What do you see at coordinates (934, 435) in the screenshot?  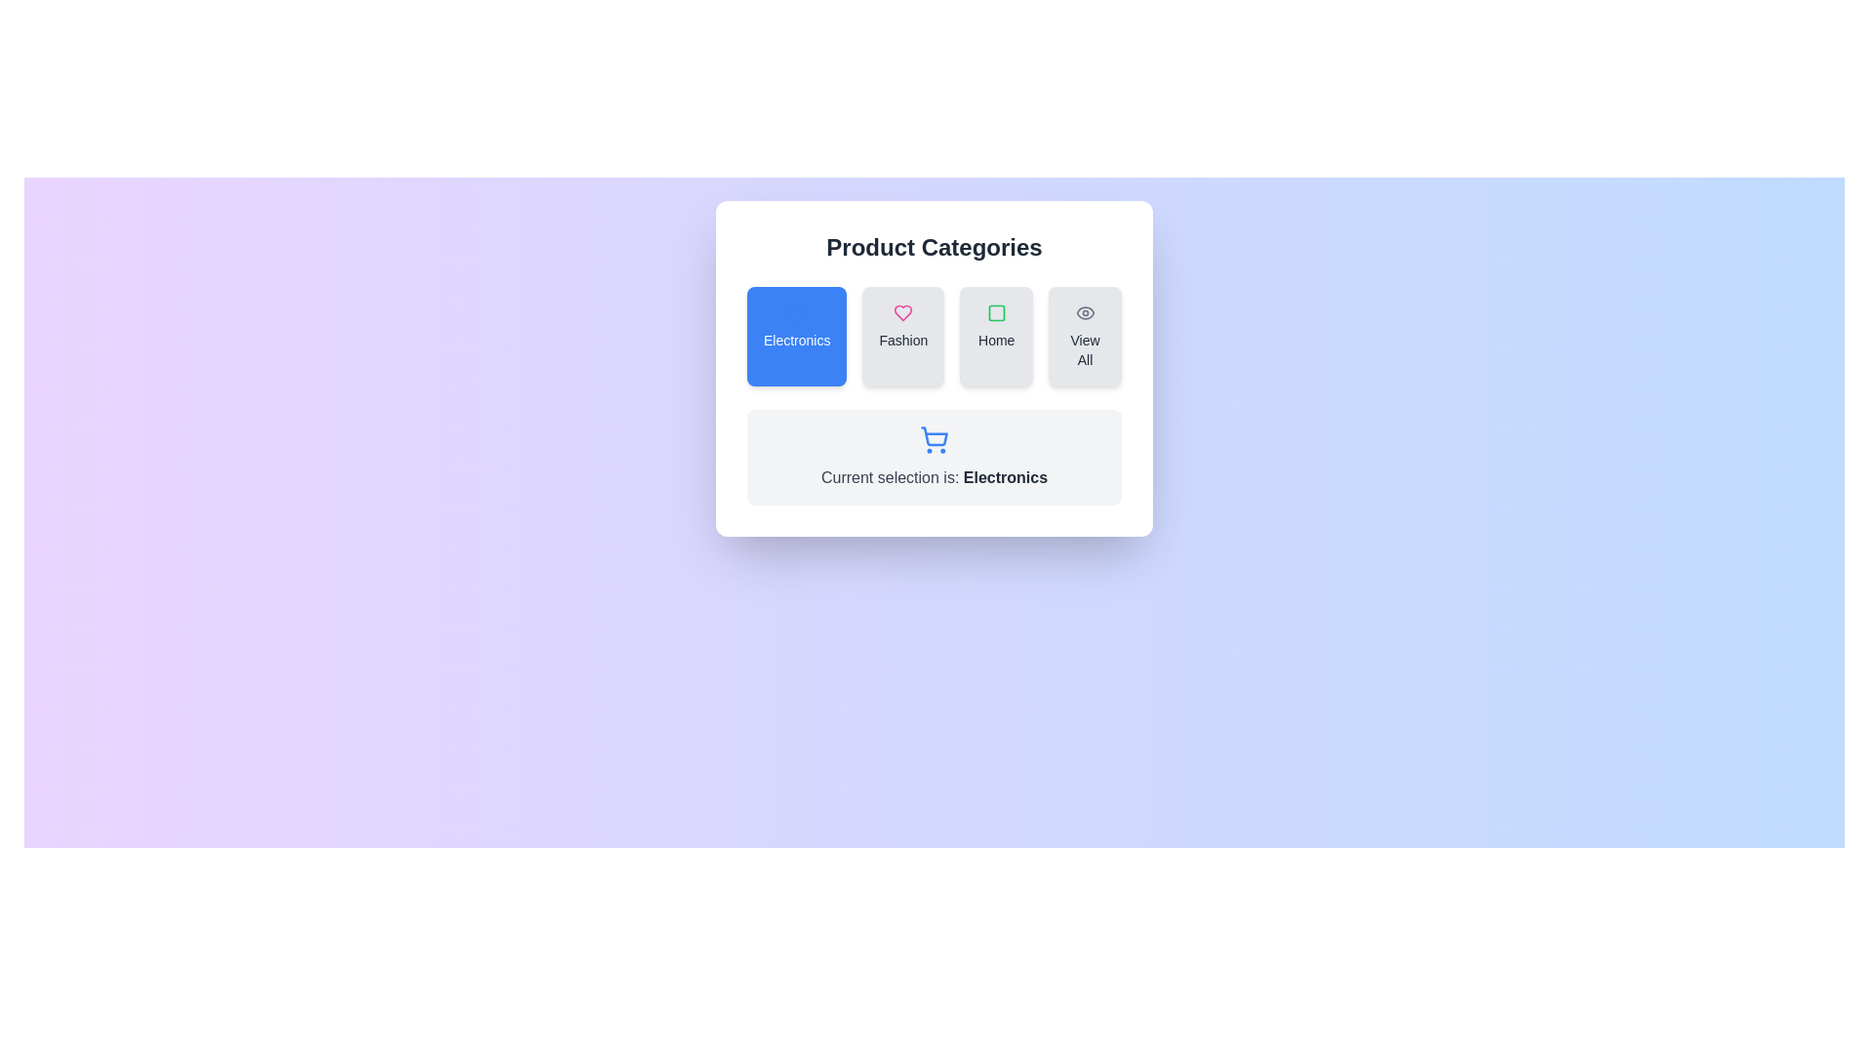 I see `the shopping cart icon, which is centrally positioned beneath the category selection panel and serves as a decorative representation of the shopping feature in an e-commerce interface` at bounding box center [934, 435].